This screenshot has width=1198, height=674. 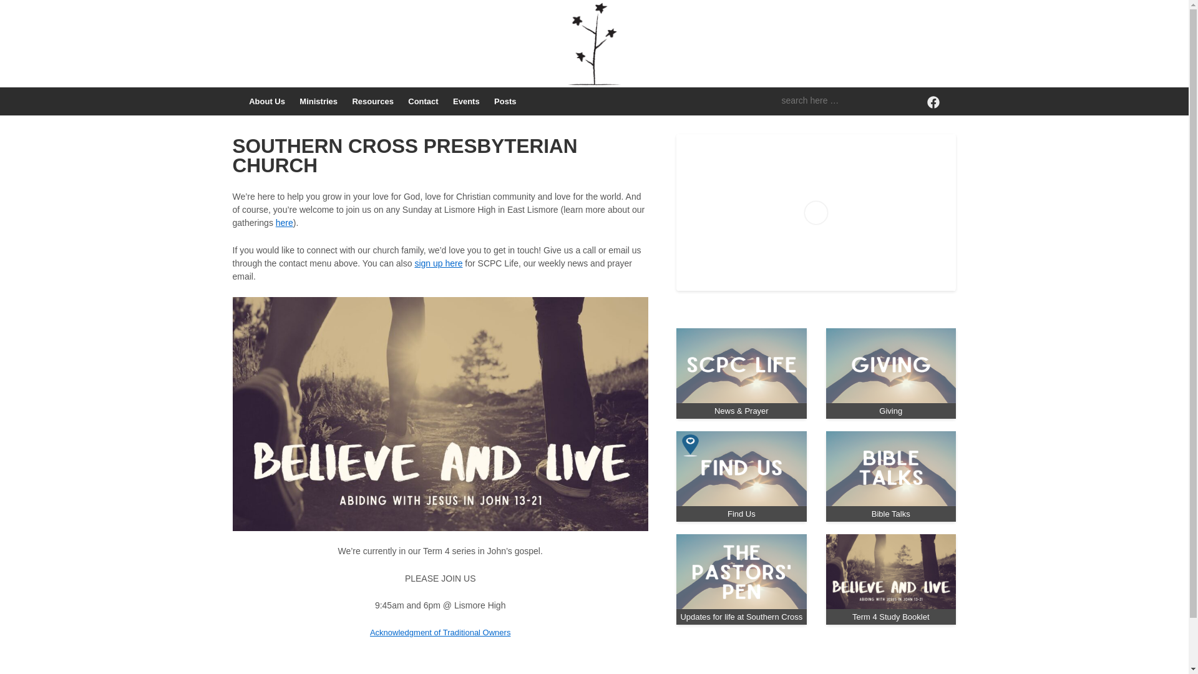 What do you see at coordinates (266, 100) in the screenshot?
I see `'About Us'` at bounding box center [266, 100].